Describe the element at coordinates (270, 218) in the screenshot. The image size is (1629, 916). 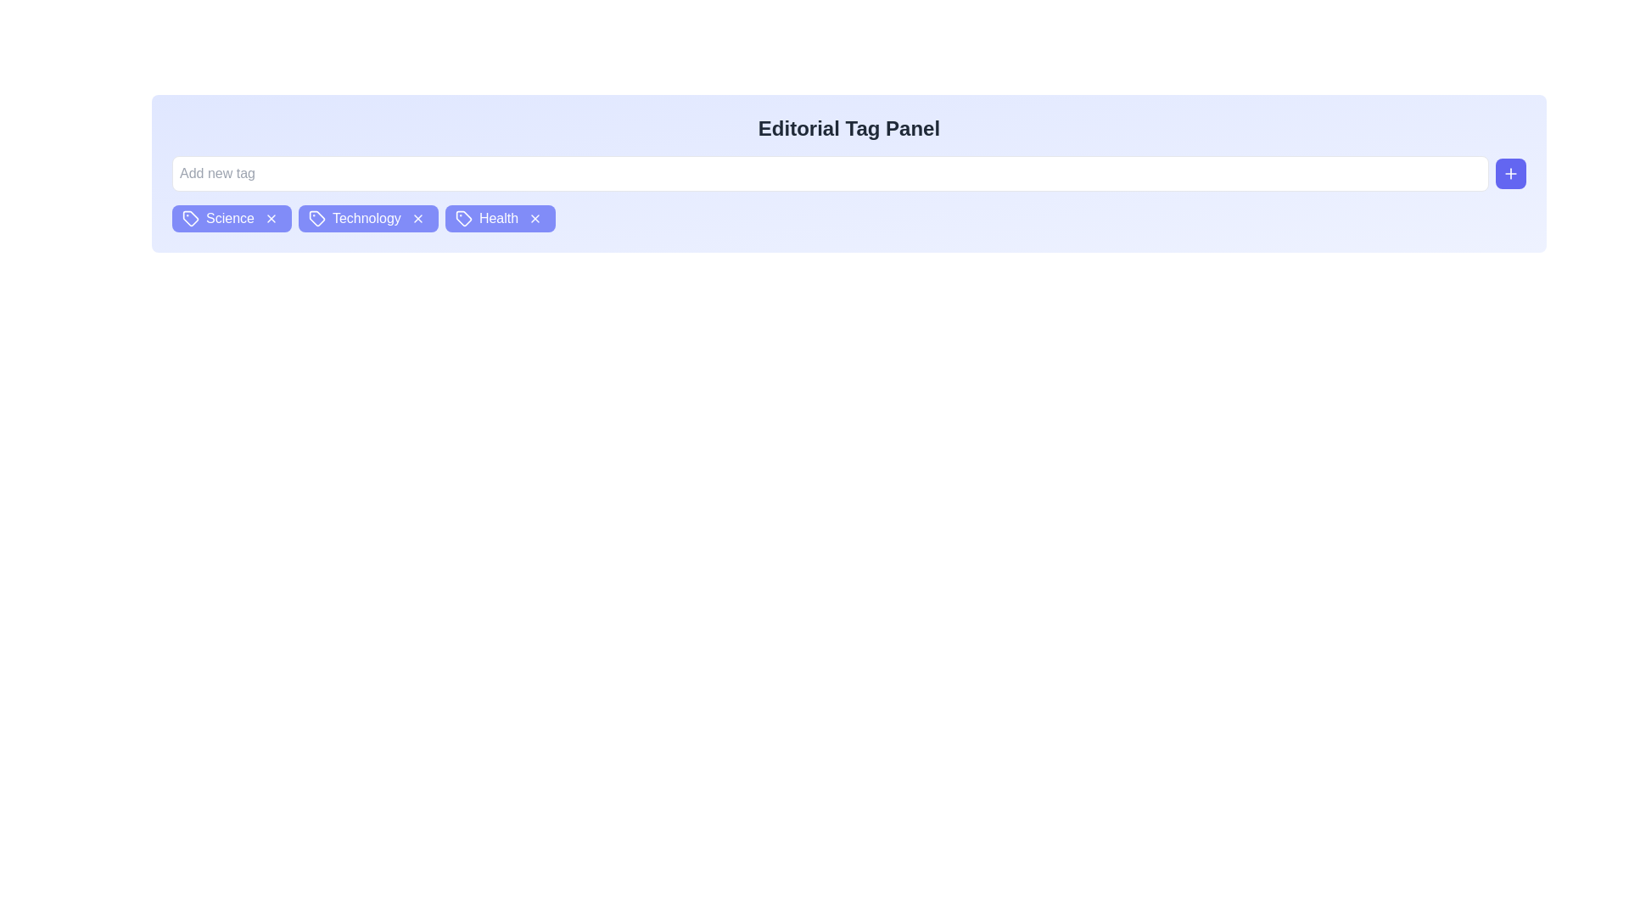
I see `the close button (X icon) of the 'Science' tag for keyboard interaction` at that location.